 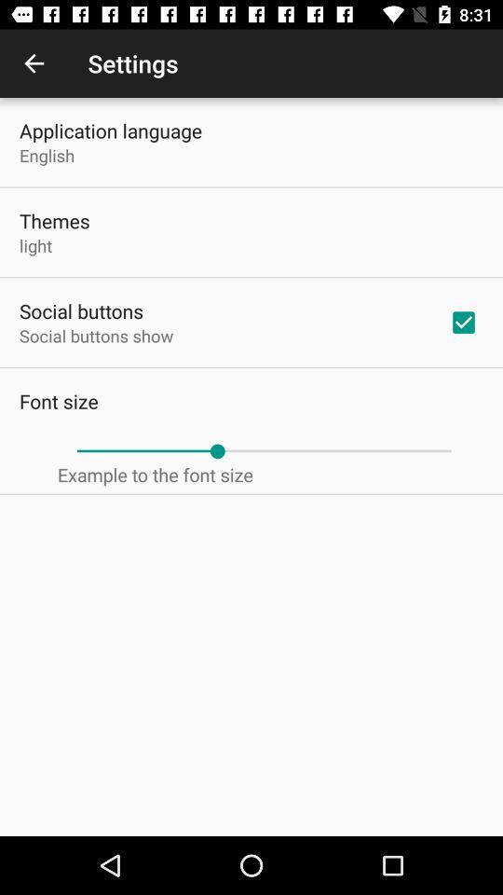 I want to click on the themes item, so click(x=54, y=221).